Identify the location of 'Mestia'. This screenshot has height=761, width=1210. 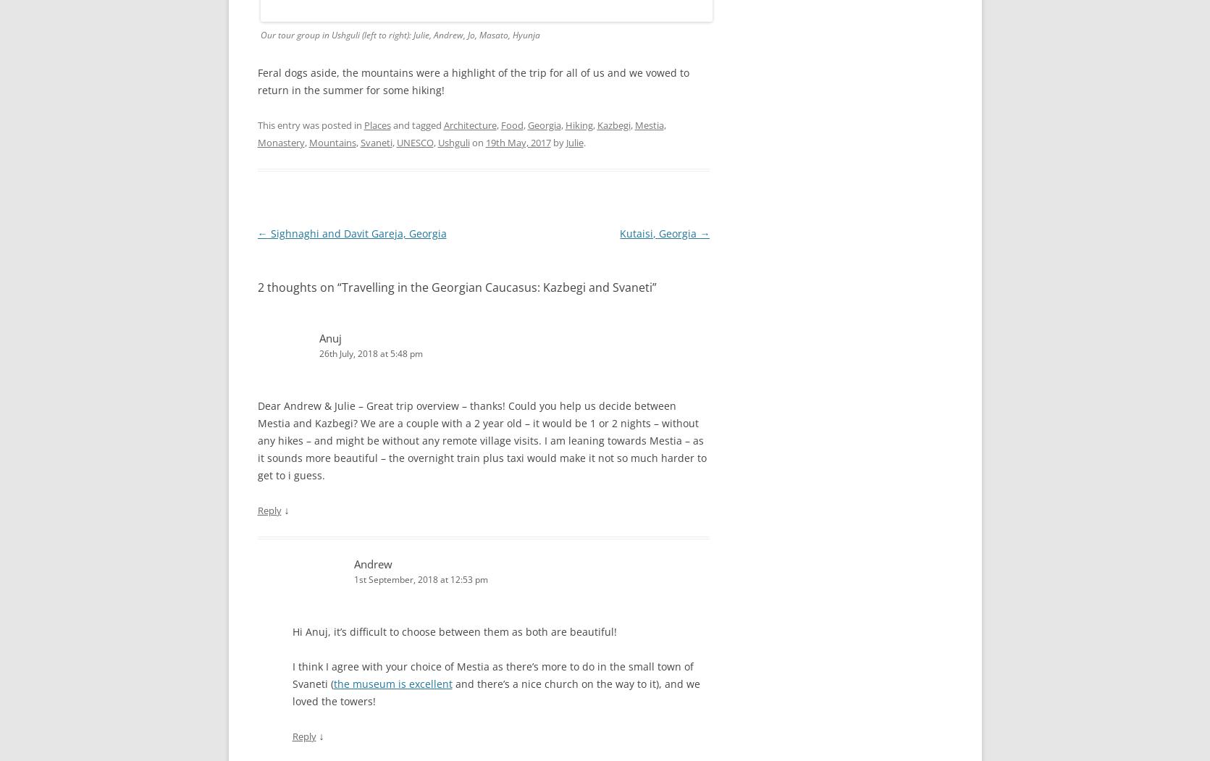
(647, 125).